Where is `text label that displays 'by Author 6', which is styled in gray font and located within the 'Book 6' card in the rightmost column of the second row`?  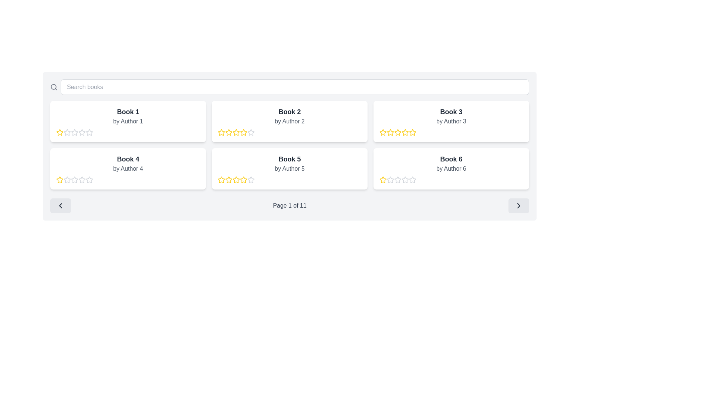
text label that displays 'by Author 6', which is styled in gray font and located within the 'Book 6' card in the rightmost column of the second row is located at coordinates (451, 168).